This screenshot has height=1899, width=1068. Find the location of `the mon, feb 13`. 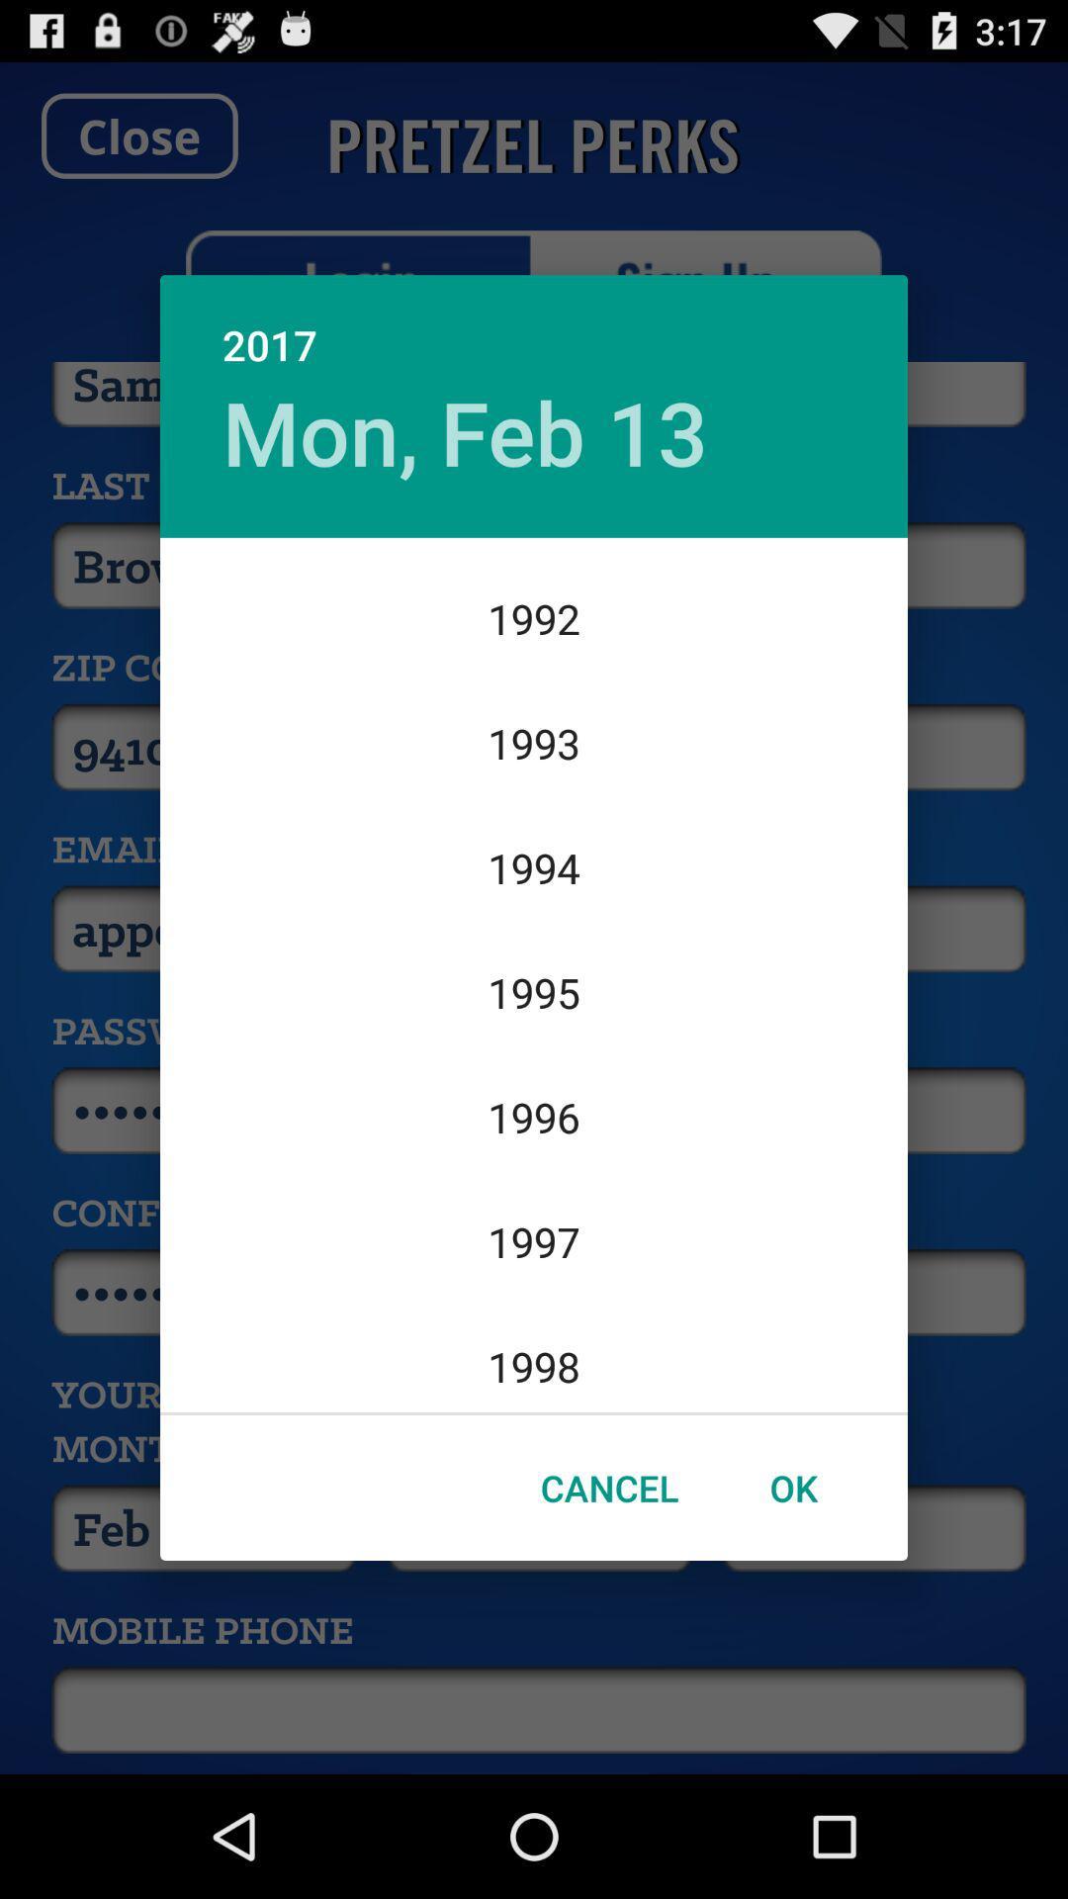

the mon, feb 13 is located at coordinates (465, 430).